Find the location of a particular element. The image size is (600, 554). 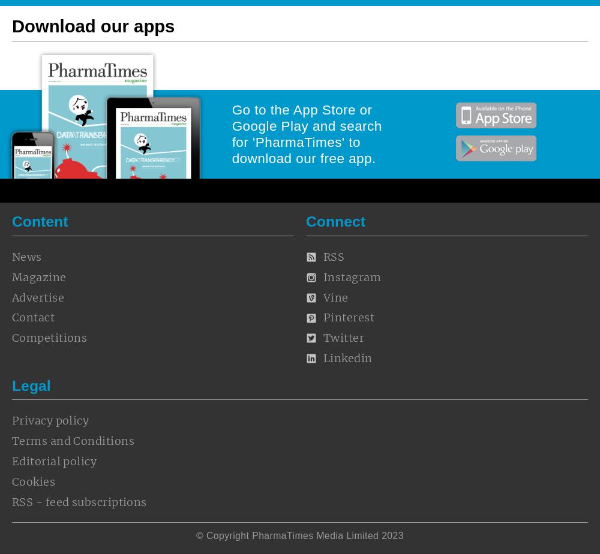

'News' is located at coordinates (26, 257).